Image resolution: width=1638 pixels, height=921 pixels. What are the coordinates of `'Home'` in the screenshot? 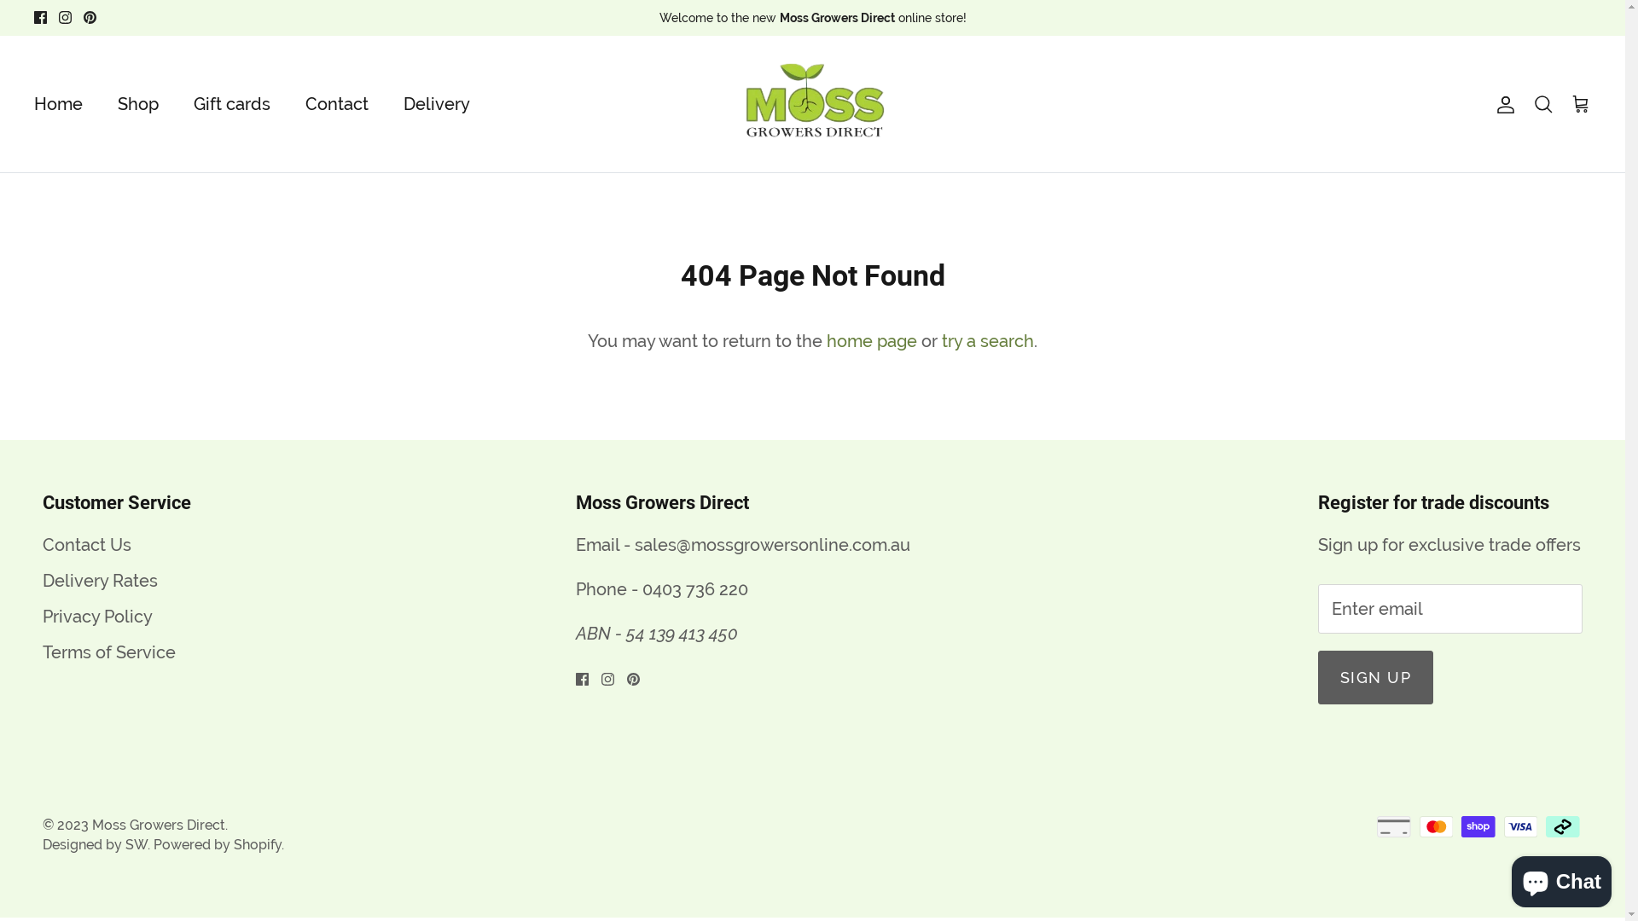 It's located at (58, 104).